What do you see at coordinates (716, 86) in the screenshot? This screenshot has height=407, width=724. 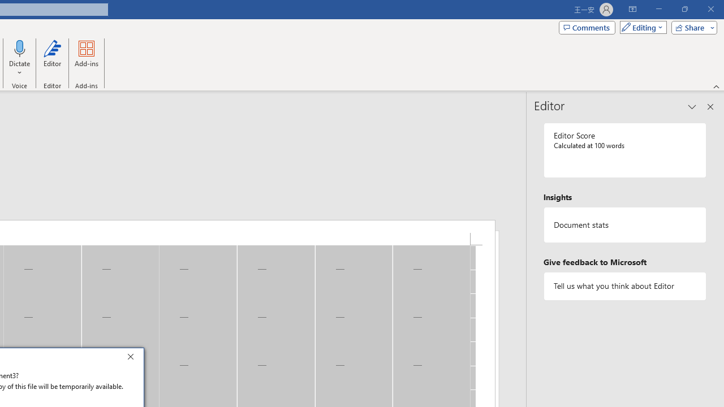 I see `'Collapse the Ribbon'` at bounding box center [716, 86].